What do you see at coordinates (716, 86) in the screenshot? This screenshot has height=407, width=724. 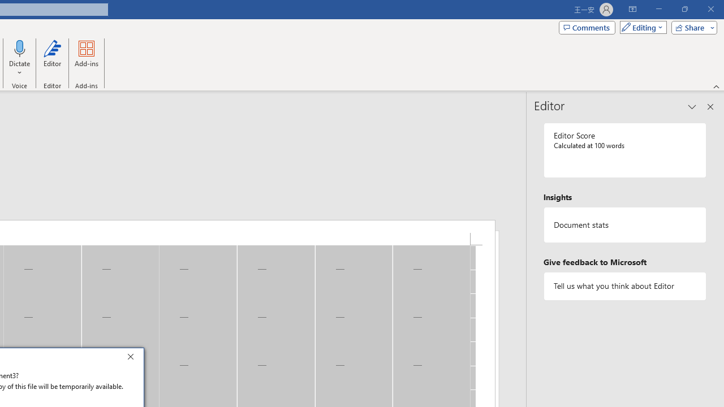 I see `'Collapse the Ribbon'` at bounding box center [716, 86].